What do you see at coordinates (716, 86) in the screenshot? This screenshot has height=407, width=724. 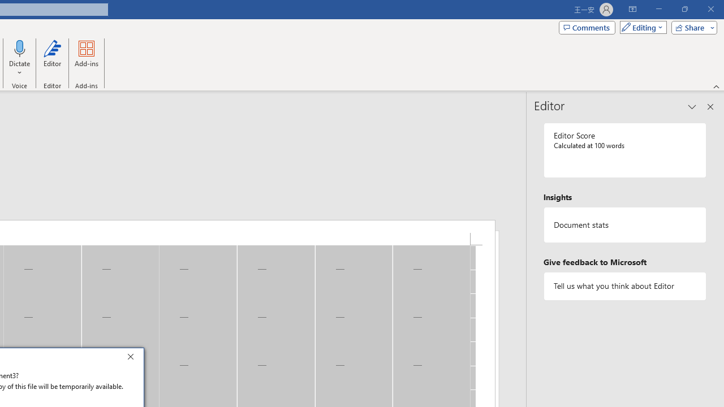 I see `'Collapse the Ribbon'` at bounding box center [716, 86].